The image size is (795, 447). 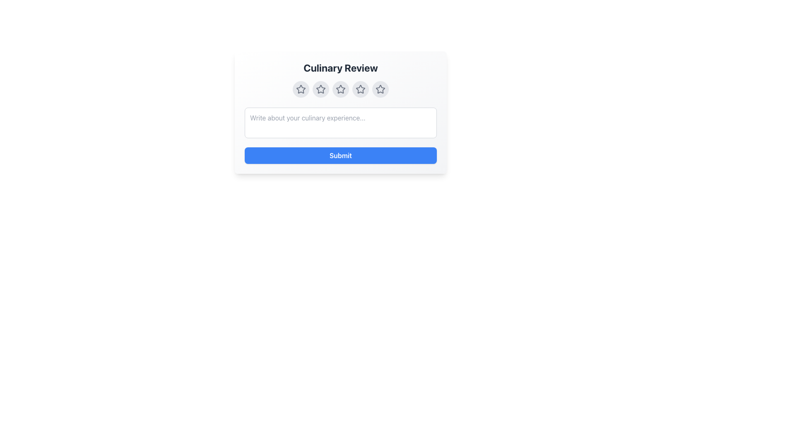 What do you see at coordinates (380, 89) in the screenshot?
I see `the fifth rating button in the 5-star rating system` at bounding box center [380, 89].